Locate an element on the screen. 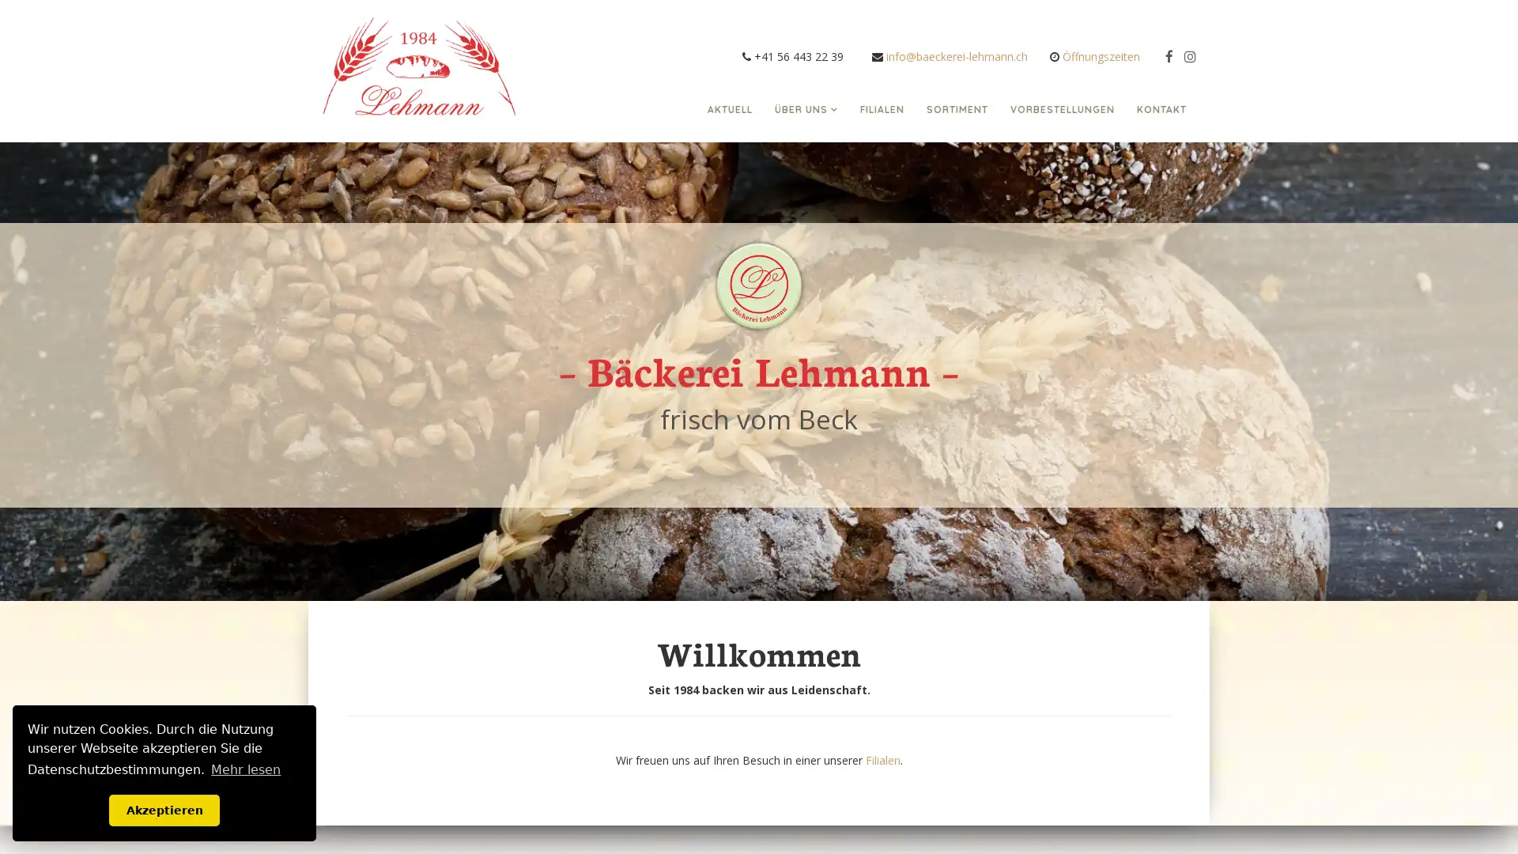 The image size is (1518, 854). dismiss cookie message is located at coordinates (164, 810).